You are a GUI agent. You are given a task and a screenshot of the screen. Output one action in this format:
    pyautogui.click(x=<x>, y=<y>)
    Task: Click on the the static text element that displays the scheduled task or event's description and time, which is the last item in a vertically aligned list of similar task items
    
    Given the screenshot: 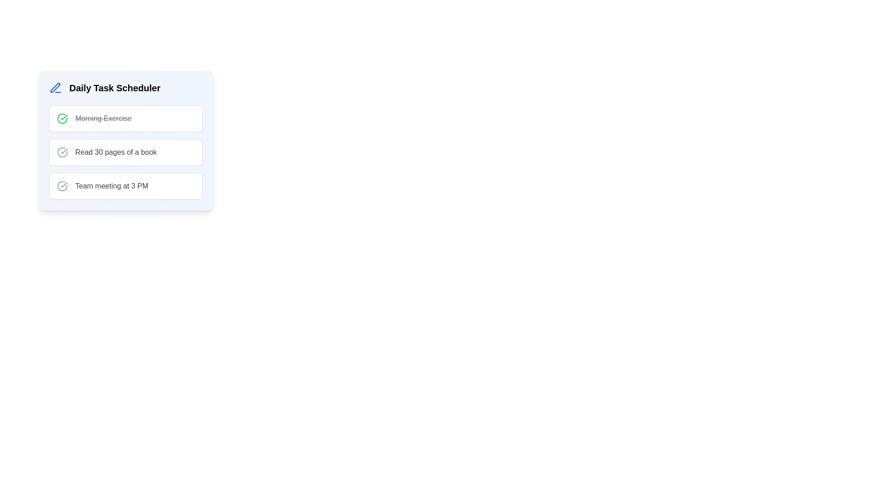 What is the action you would take?
    pyautogui.click(x=111, y=186)
    